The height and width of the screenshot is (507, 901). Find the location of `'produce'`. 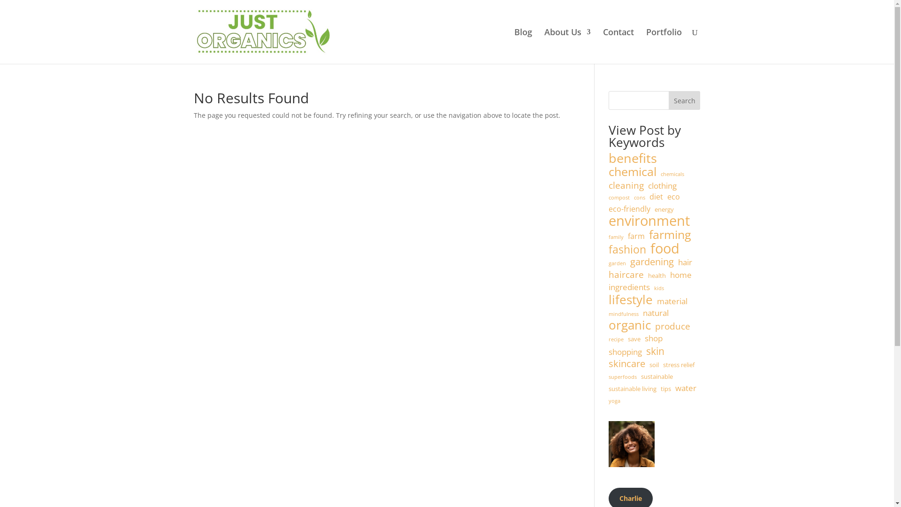

'produce' is located at coordinates (672, 326).